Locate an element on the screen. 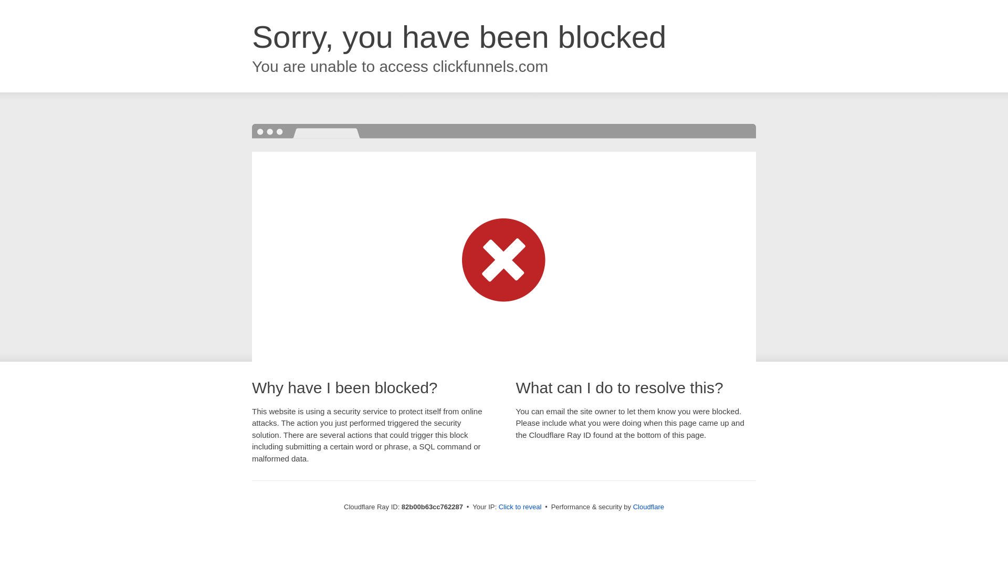 The image size is (1008, 567). 'Click to reveal' is located at coordinates (498, 506).